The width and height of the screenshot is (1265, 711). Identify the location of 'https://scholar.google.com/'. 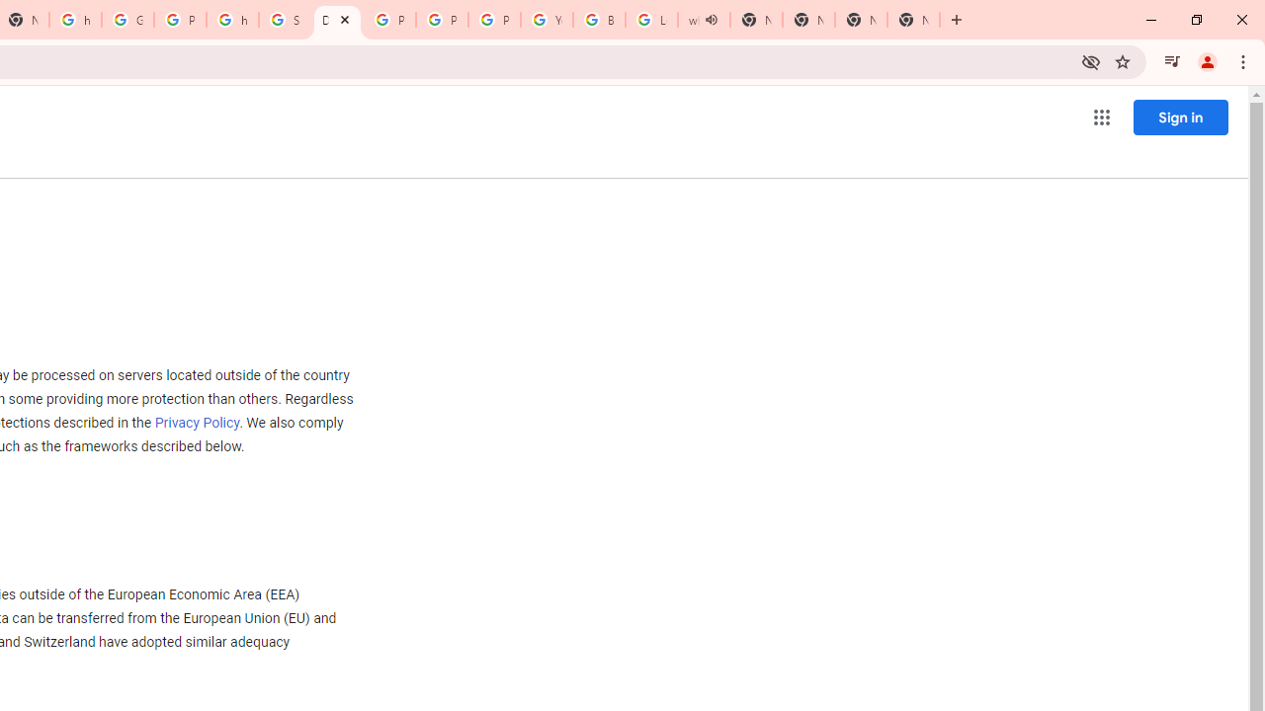
(232, 20).